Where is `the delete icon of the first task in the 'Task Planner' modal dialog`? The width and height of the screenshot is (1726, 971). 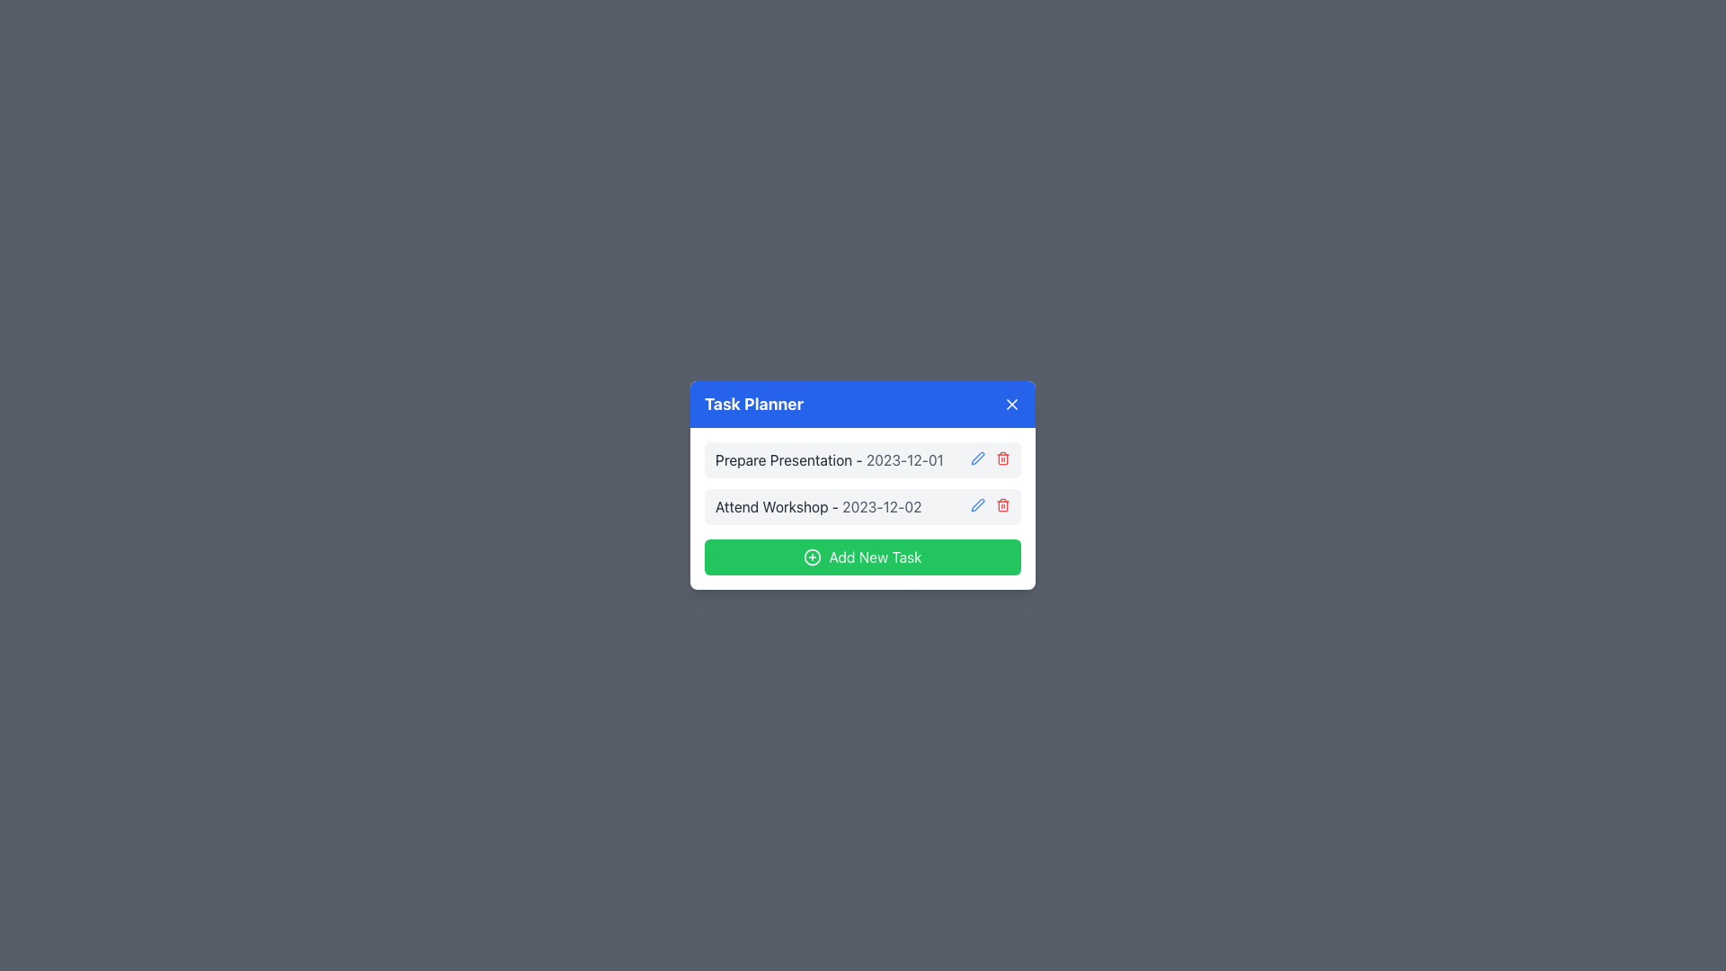 the delete icon of the first task in the 'Task Planner' modal dialog is located at coordinates (863, 459).